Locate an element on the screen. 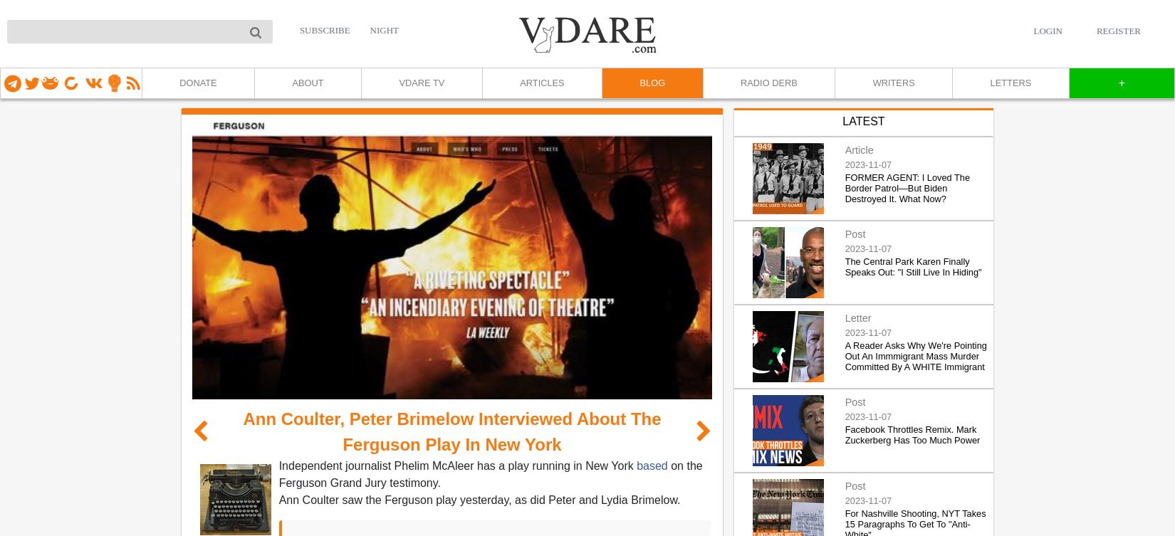 Image resolution: width=1175 pixels, height=536 pixels. '+' is located at coordinates (1117, 83).